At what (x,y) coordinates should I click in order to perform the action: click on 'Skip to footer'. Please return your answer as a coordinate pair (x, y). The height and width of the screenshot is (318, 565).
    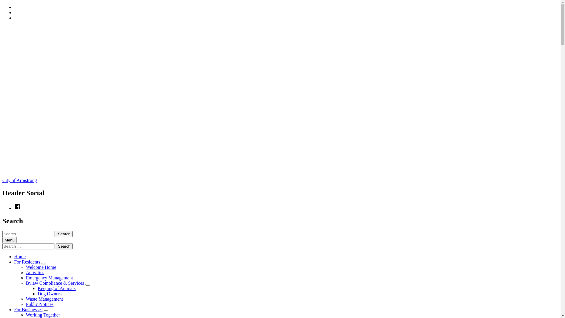
    Looking at the image, I should click on (14, 15).